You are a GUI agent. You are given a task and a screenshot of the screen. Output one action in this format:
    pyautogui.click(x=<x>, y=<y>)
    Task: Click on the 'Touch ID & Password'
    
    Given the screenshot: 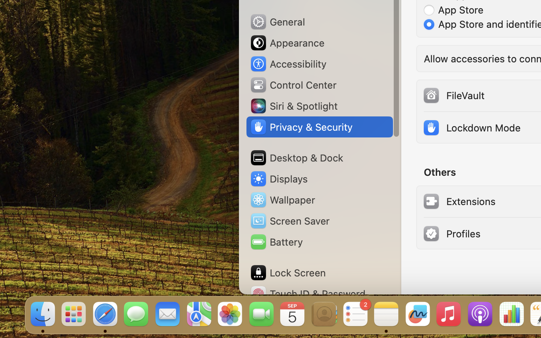 What is the action you would take?
    pyautogui.click(x=308, y=293)
    